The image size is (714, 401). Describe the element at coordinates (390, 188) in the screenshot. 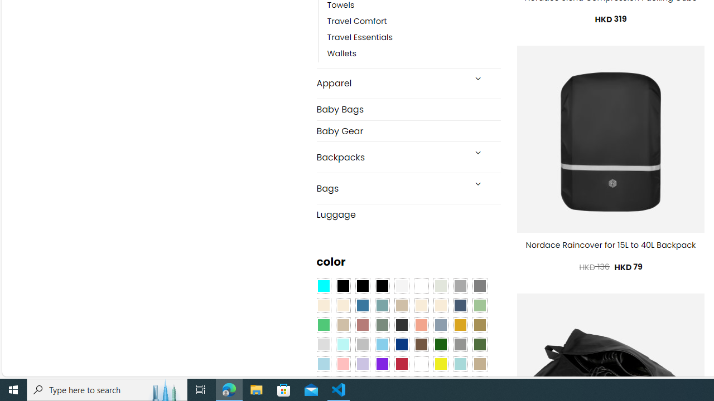

I see `'Bags'` at that location.